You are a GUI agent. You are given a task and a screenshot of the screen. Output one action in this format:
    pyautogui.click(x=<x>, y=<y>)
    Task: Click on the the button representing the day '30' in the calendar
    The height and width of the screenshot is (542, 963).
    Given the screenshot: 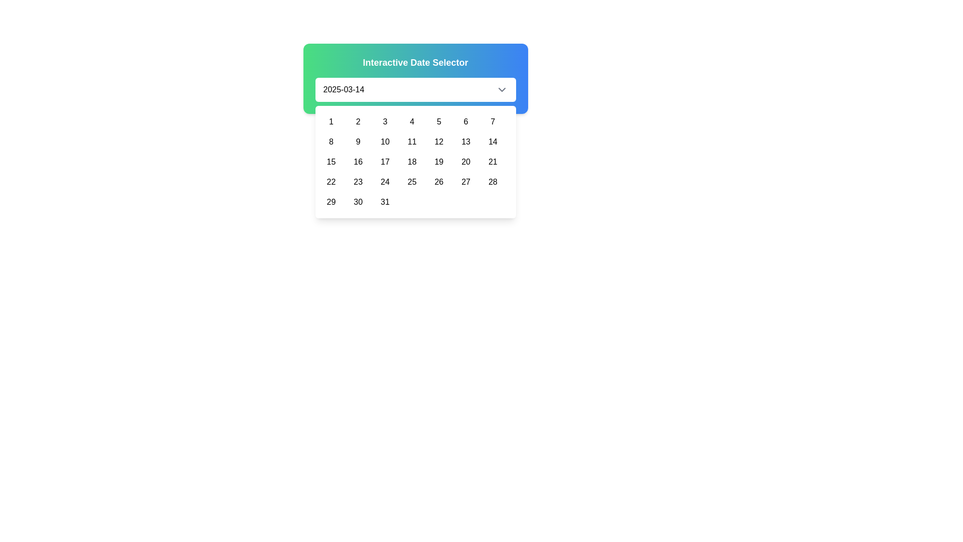 What is the action you would take?
    pyautogui.click(x=358, y=202)
    